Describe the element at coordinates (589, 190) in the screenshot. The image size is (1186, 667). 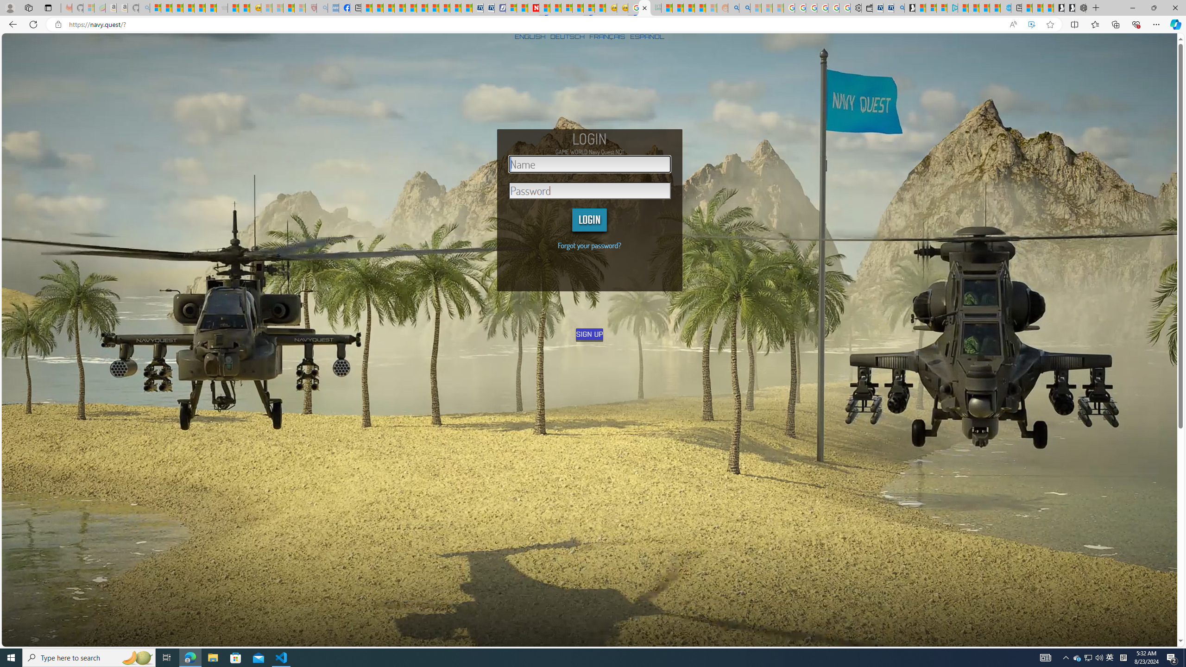
I see `'Password'` at that location.